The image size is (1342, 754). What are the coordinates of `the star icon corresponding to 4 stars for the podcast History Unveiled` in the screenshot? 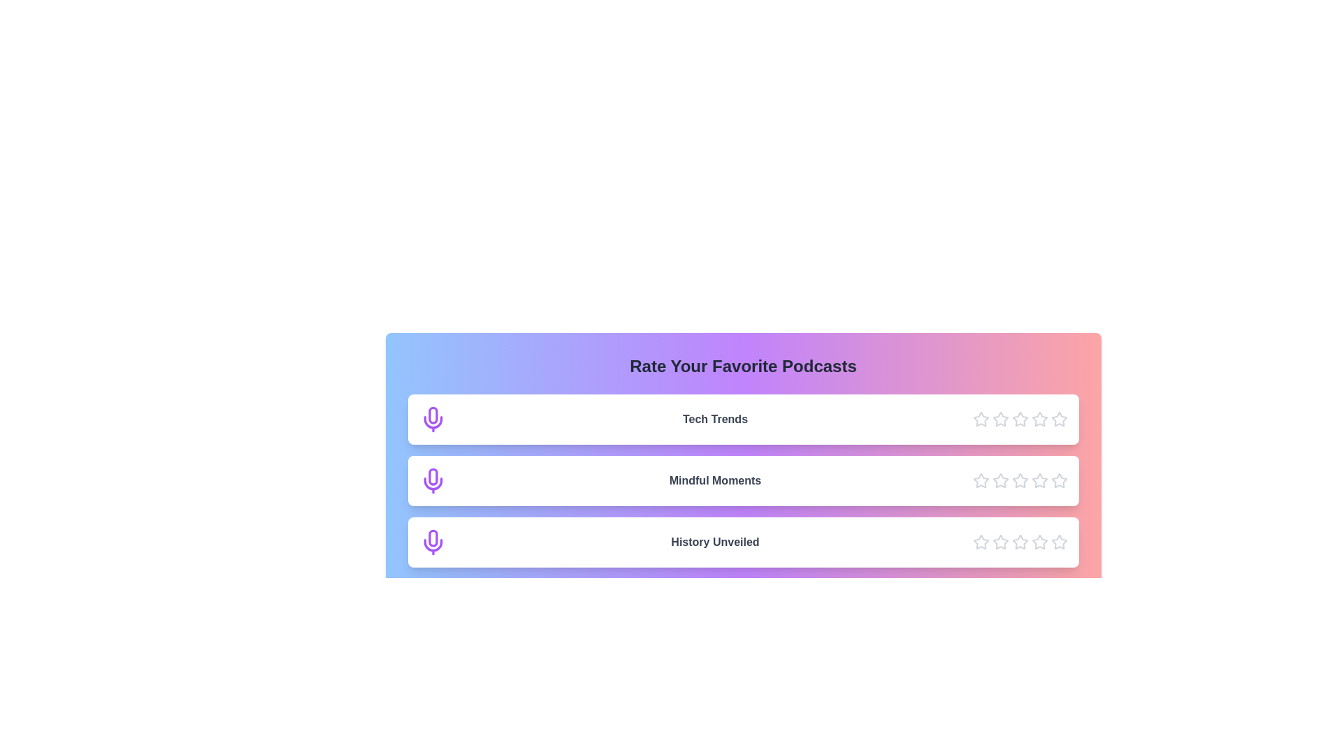 It's located at (1039, 541).